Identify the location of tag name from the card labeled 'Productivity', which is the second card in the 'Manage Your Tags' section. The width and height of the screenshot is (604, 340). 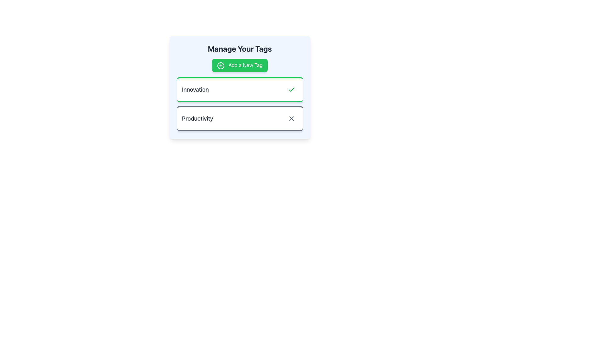
(239, 118).